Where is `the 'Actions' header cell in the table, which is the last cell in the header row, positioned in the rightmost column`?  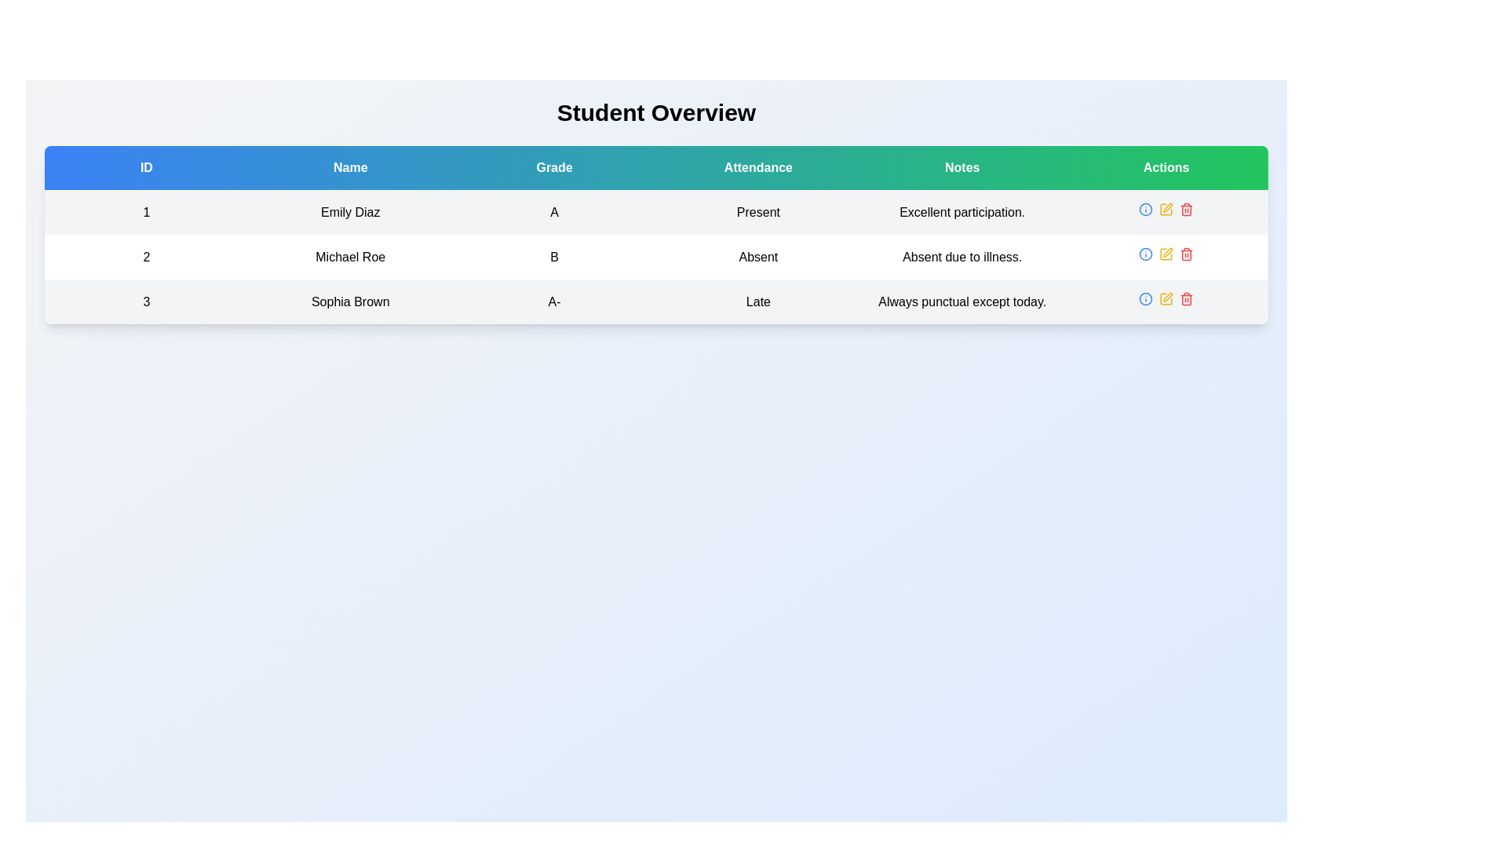
the 'Actions' header cell in the table, which is the last cell in the header row, positioned in the rightmost column is located at coordinates (1166, 167).